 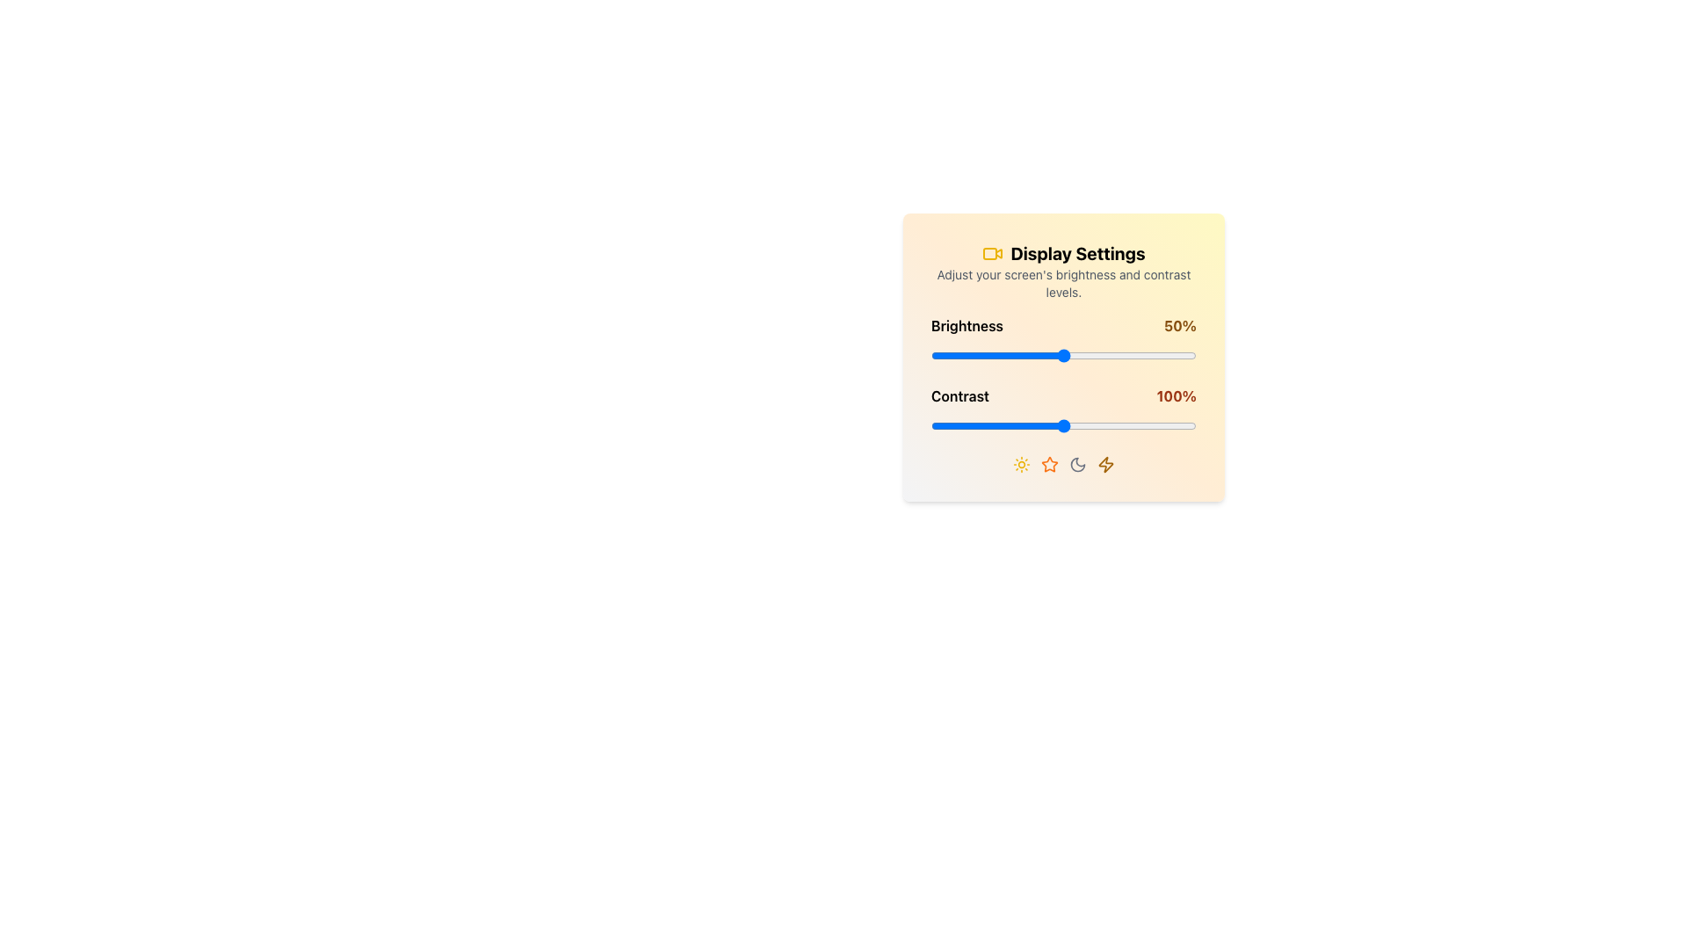 What do you see at coordinates (990, 254) in the screenshot?
I see `the SVG rectangle element with rounded edges, part of the yellow-highlighted camera icon near the 'Display Settings' title` at bounding box center [990, 254].